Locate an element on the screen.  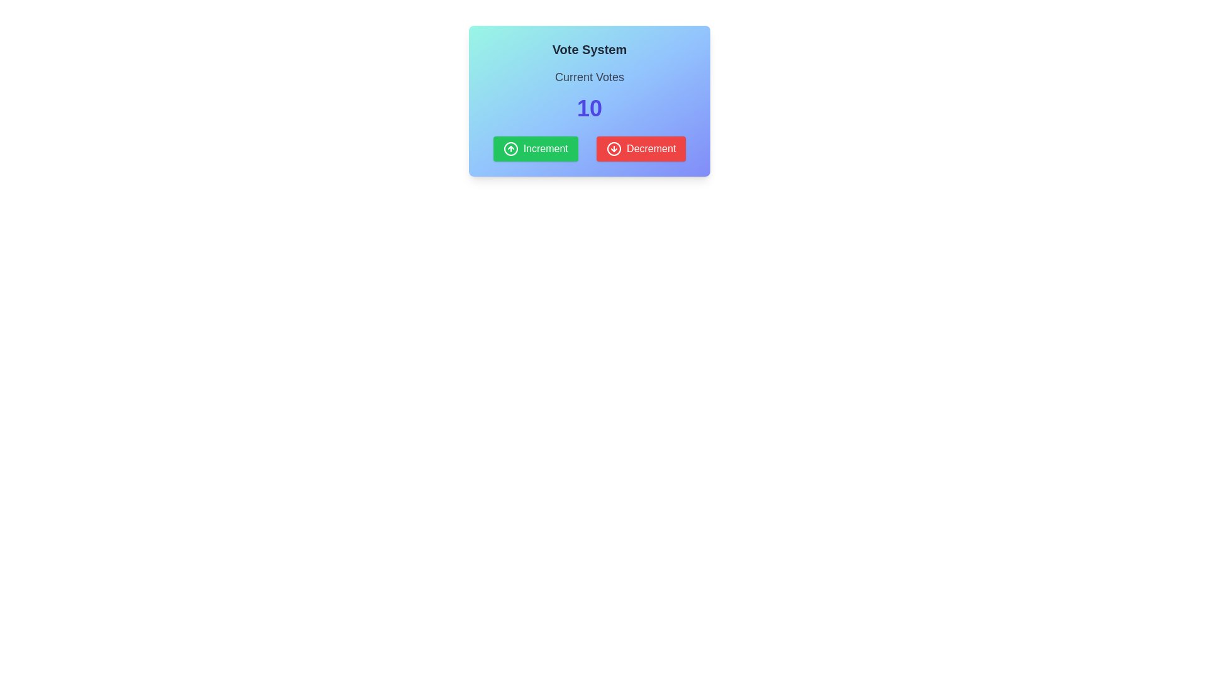
the increment action icon located within the 'Increment' button, which is displayed to the left of the text 'Increment' inside a green rectangular box below a vote count is located at coordinates (510, 148).